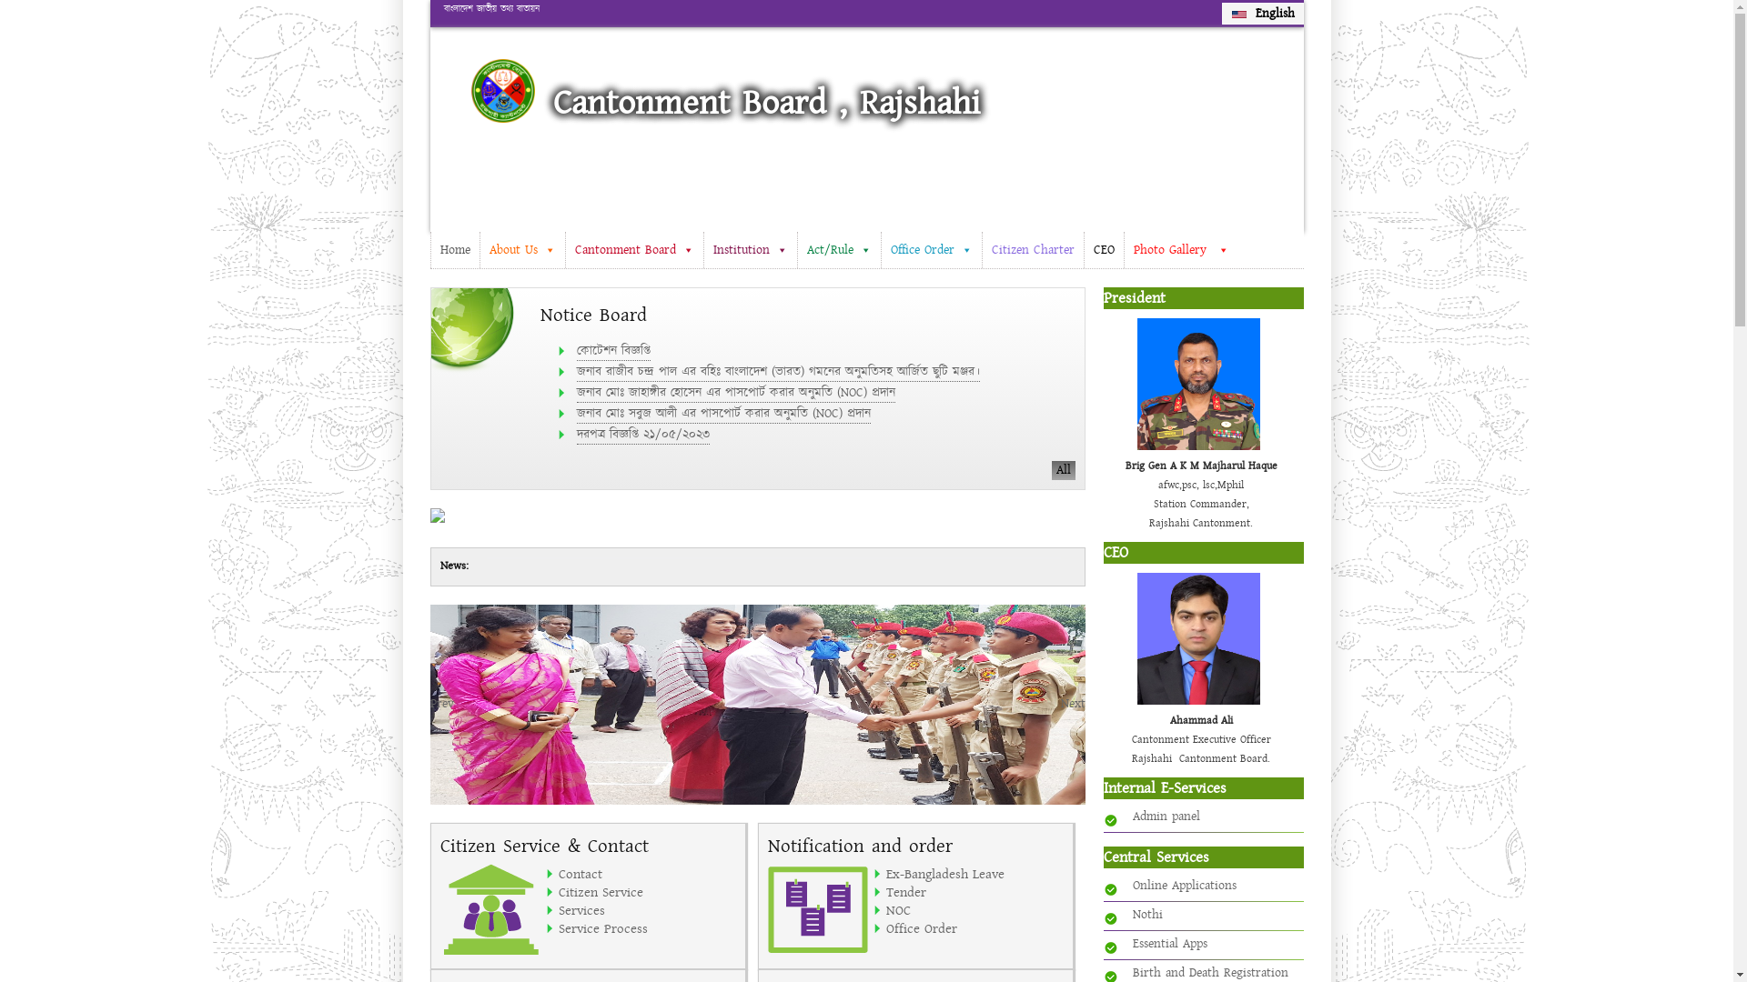 This screenshot has height=982, width=1747. I want to click on 'Service Process', so click(647, 928).